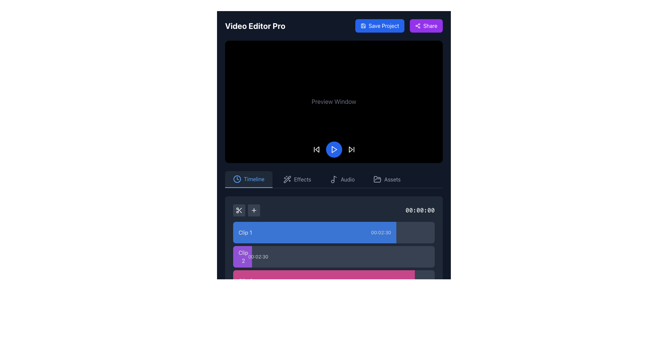  What do you see at coordinates (351, 149) in the screenshot?
I see `the media control button designed to skip forward in the playback timeline` at bounding box center [351, 149].